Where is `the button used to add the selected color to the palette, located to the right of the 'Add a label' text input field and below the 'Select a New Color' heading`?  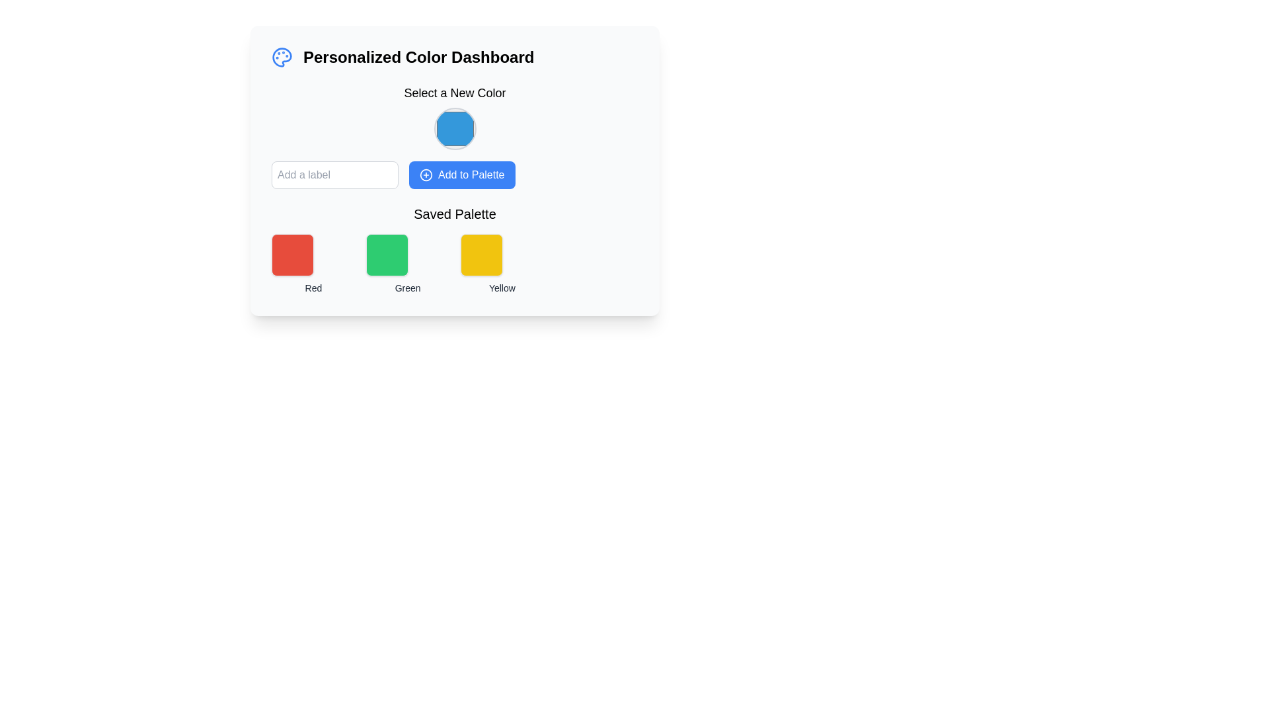 the button used to add the selected color to the palette, located to the right of the 'Add a label' text input field and below the 'Select a New Color' heading is located at coordinates (455, 175).